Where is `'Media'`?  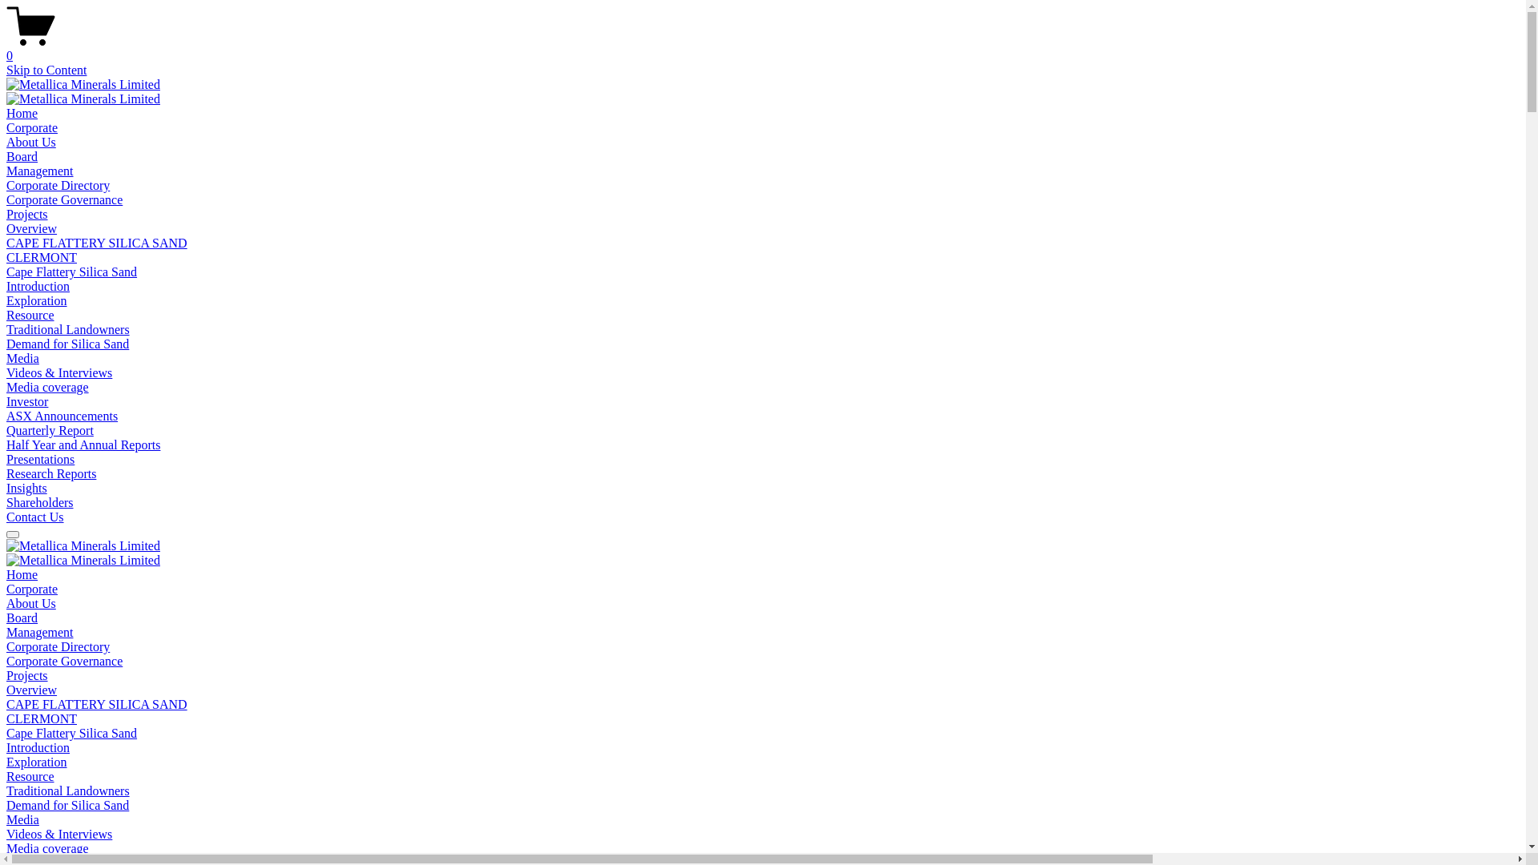 'Media' is located at coordinates (22, 357).